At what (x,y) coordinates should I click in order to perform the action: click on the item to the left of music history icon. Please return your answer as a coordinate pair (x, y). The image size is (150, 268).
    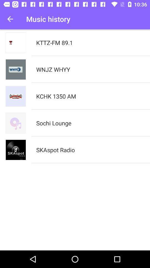
    Looking at the image, I should click on (10, 19).